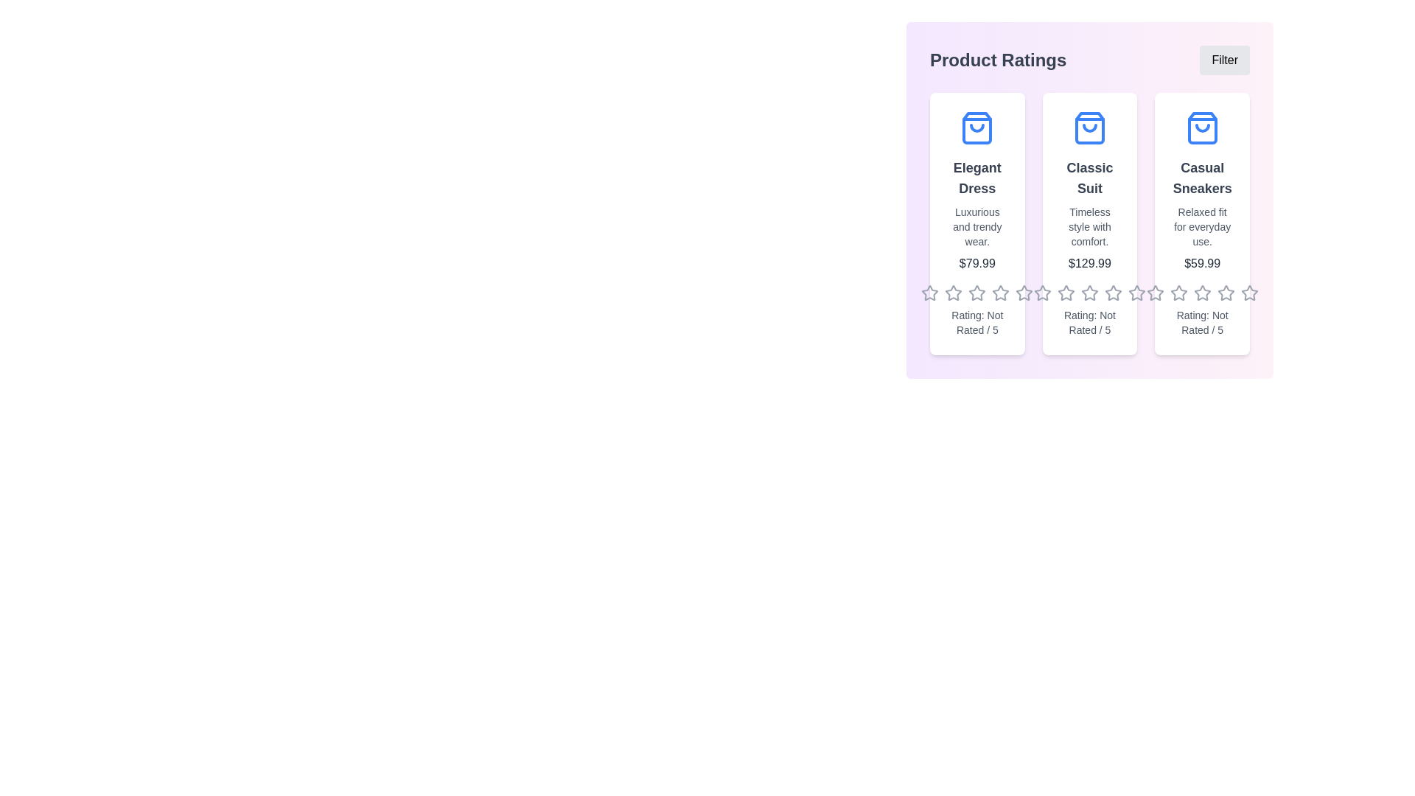 This screenshot has height=796, width=1415. Describe the element at coordinates (1001, 293) in the screenshot. I see `the rating of a product to 4 stars by clicking on the respective star in the product's rating section` at that location.